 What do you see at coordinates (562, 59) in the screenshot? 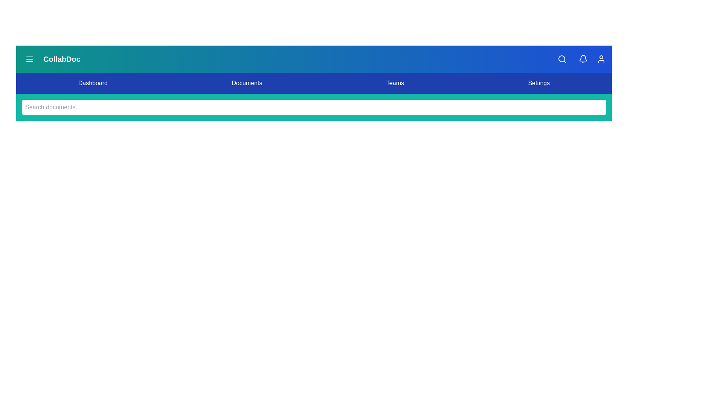
I see `the search_button to view its hover effect` at bounding box center [562, 59].